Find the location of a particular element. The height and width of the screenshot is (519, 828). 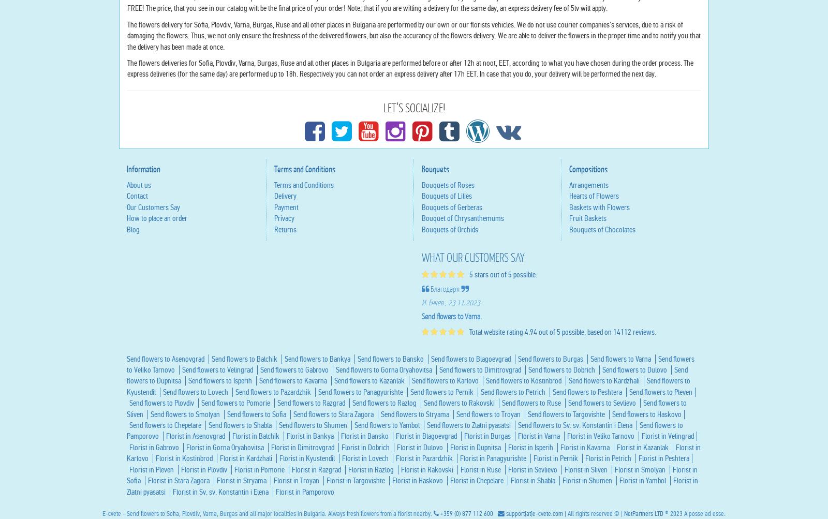

'Send flowers to Kavarna' is located at coordinates (293, 479).